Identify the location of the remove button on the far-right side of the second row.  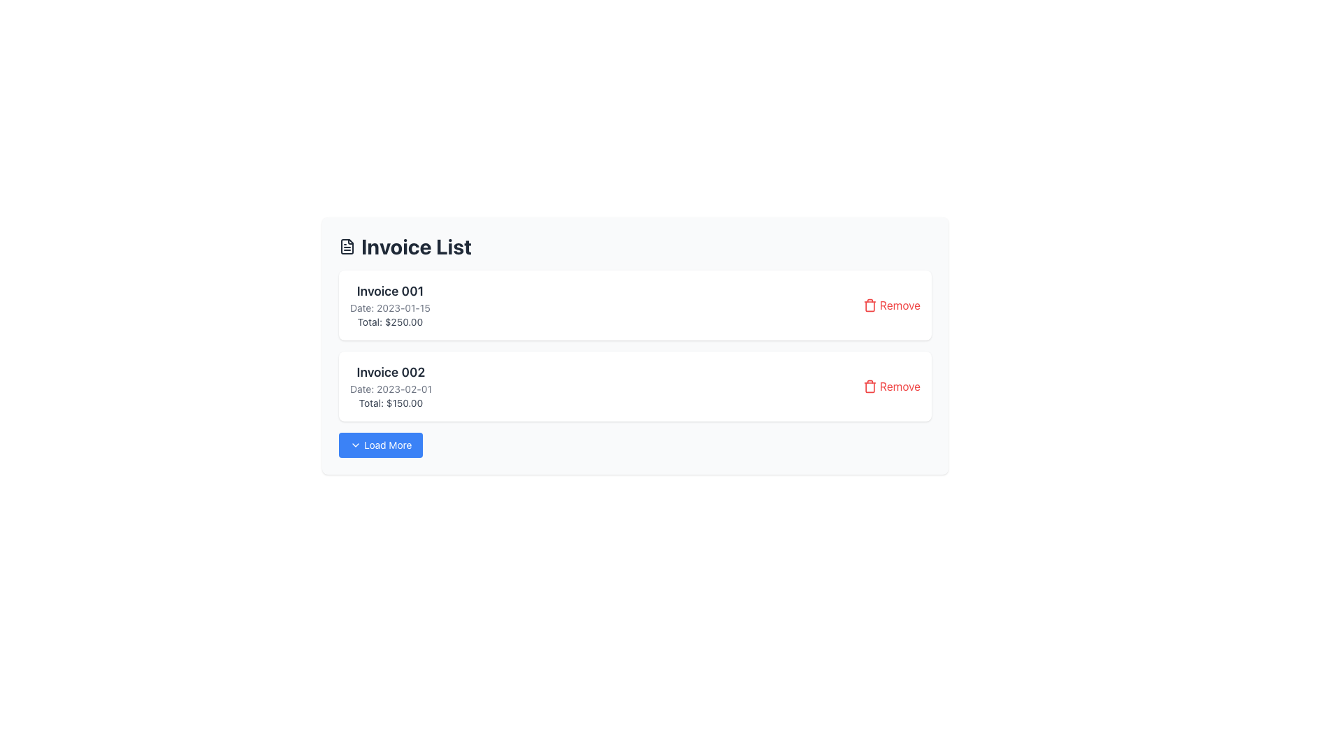
(891, 386).